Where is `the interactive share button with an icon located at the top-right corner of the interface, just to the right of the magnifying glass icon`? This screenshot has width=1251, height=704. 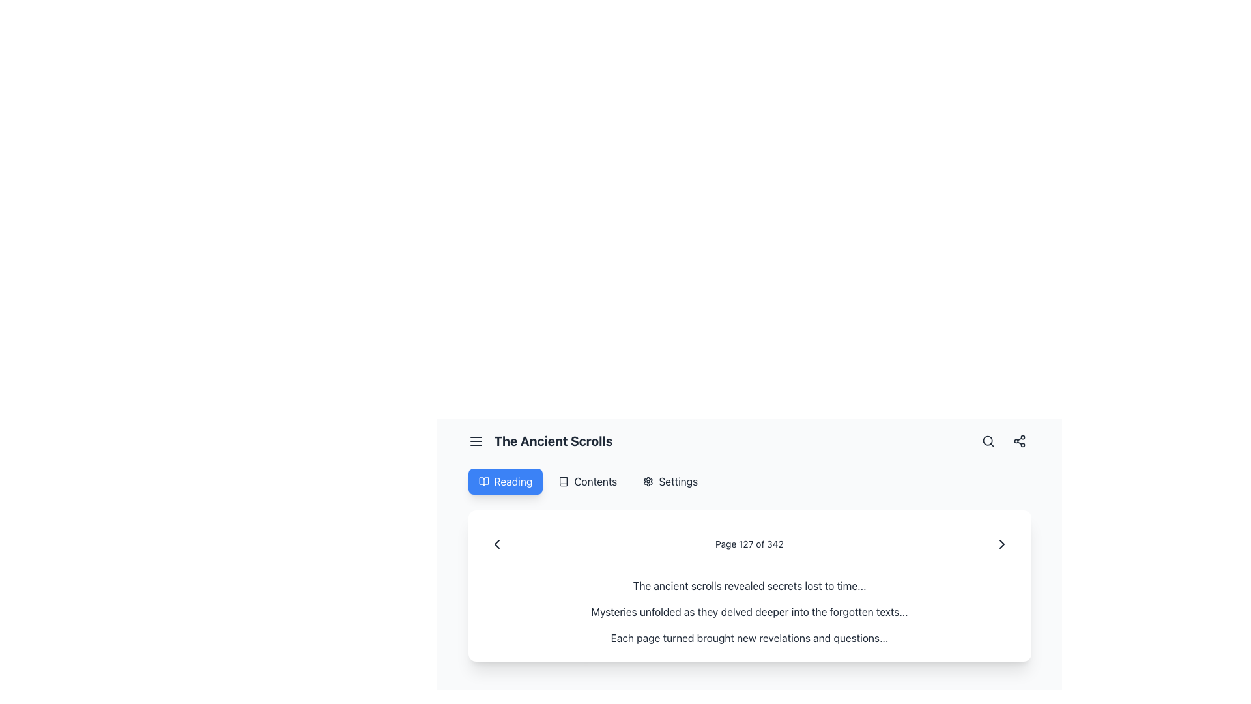 the interactive share button with an icon located at the top-right corner of the interface, just to the right of the magnifying glass icon is located at coordinates (1018, 441).